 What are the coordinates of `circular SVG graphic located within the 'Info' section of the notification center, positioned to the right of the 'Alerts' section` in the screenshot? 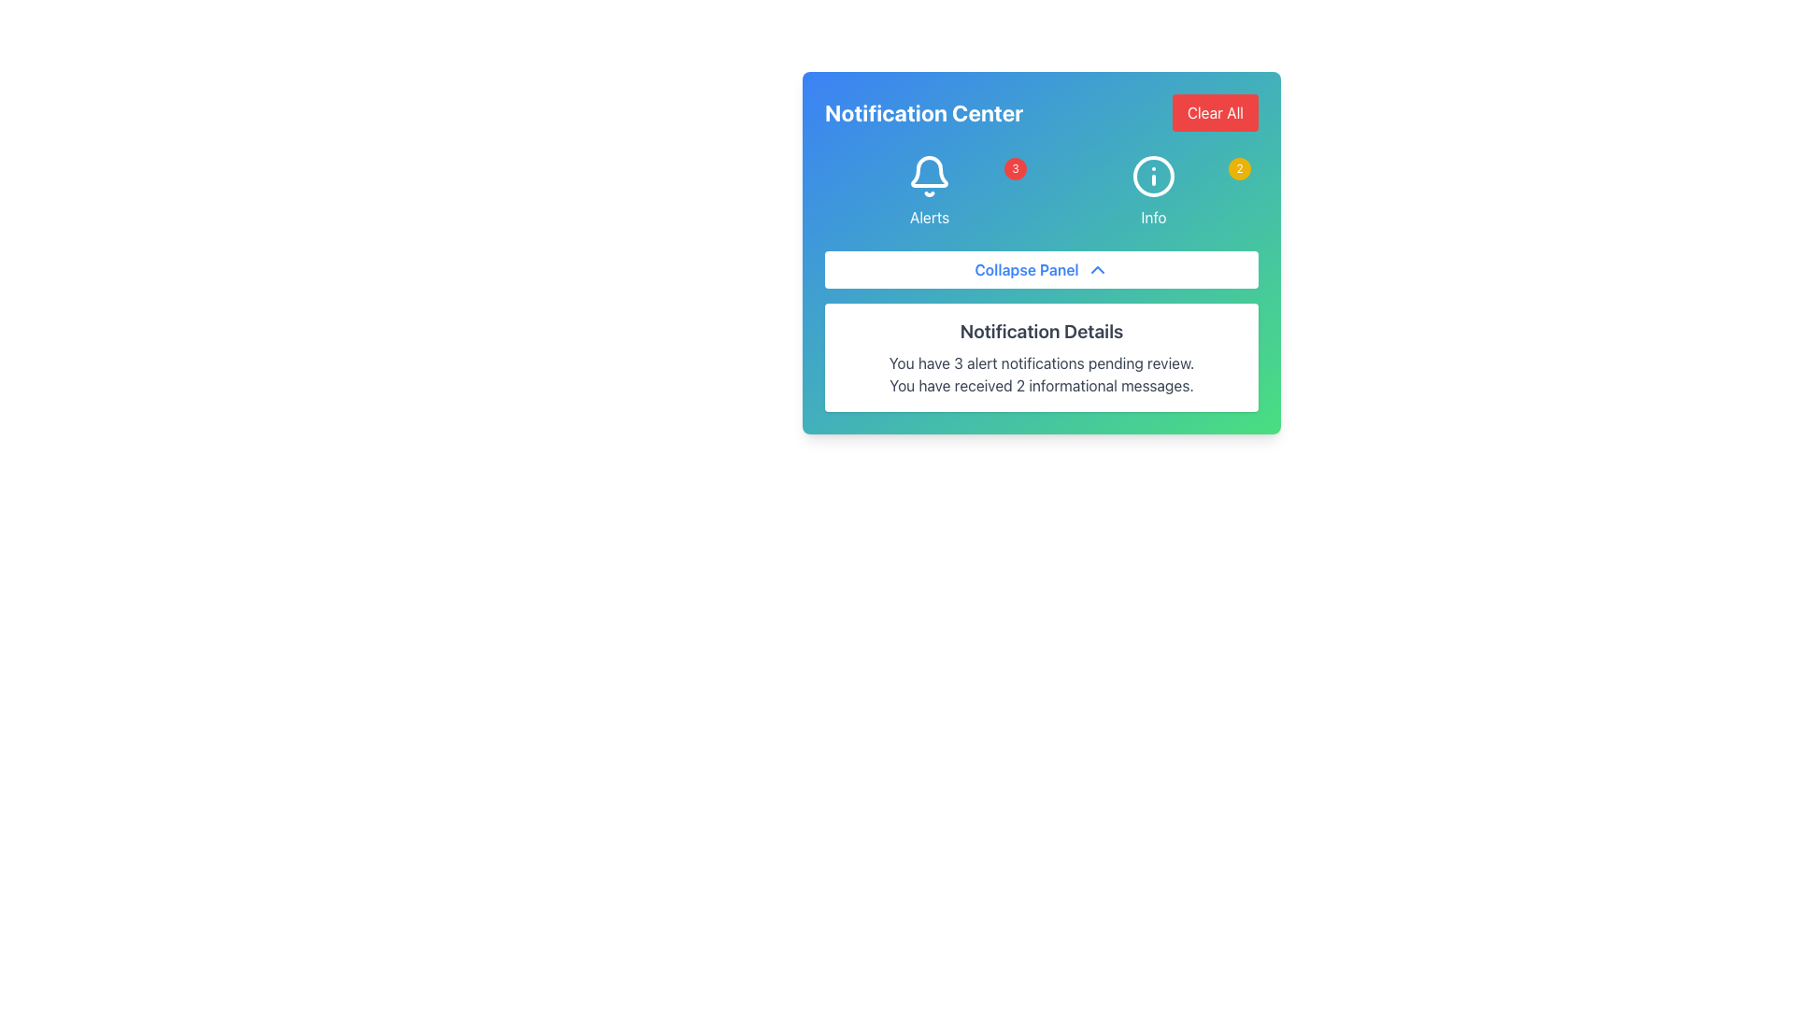 It's located at (1152, 177).